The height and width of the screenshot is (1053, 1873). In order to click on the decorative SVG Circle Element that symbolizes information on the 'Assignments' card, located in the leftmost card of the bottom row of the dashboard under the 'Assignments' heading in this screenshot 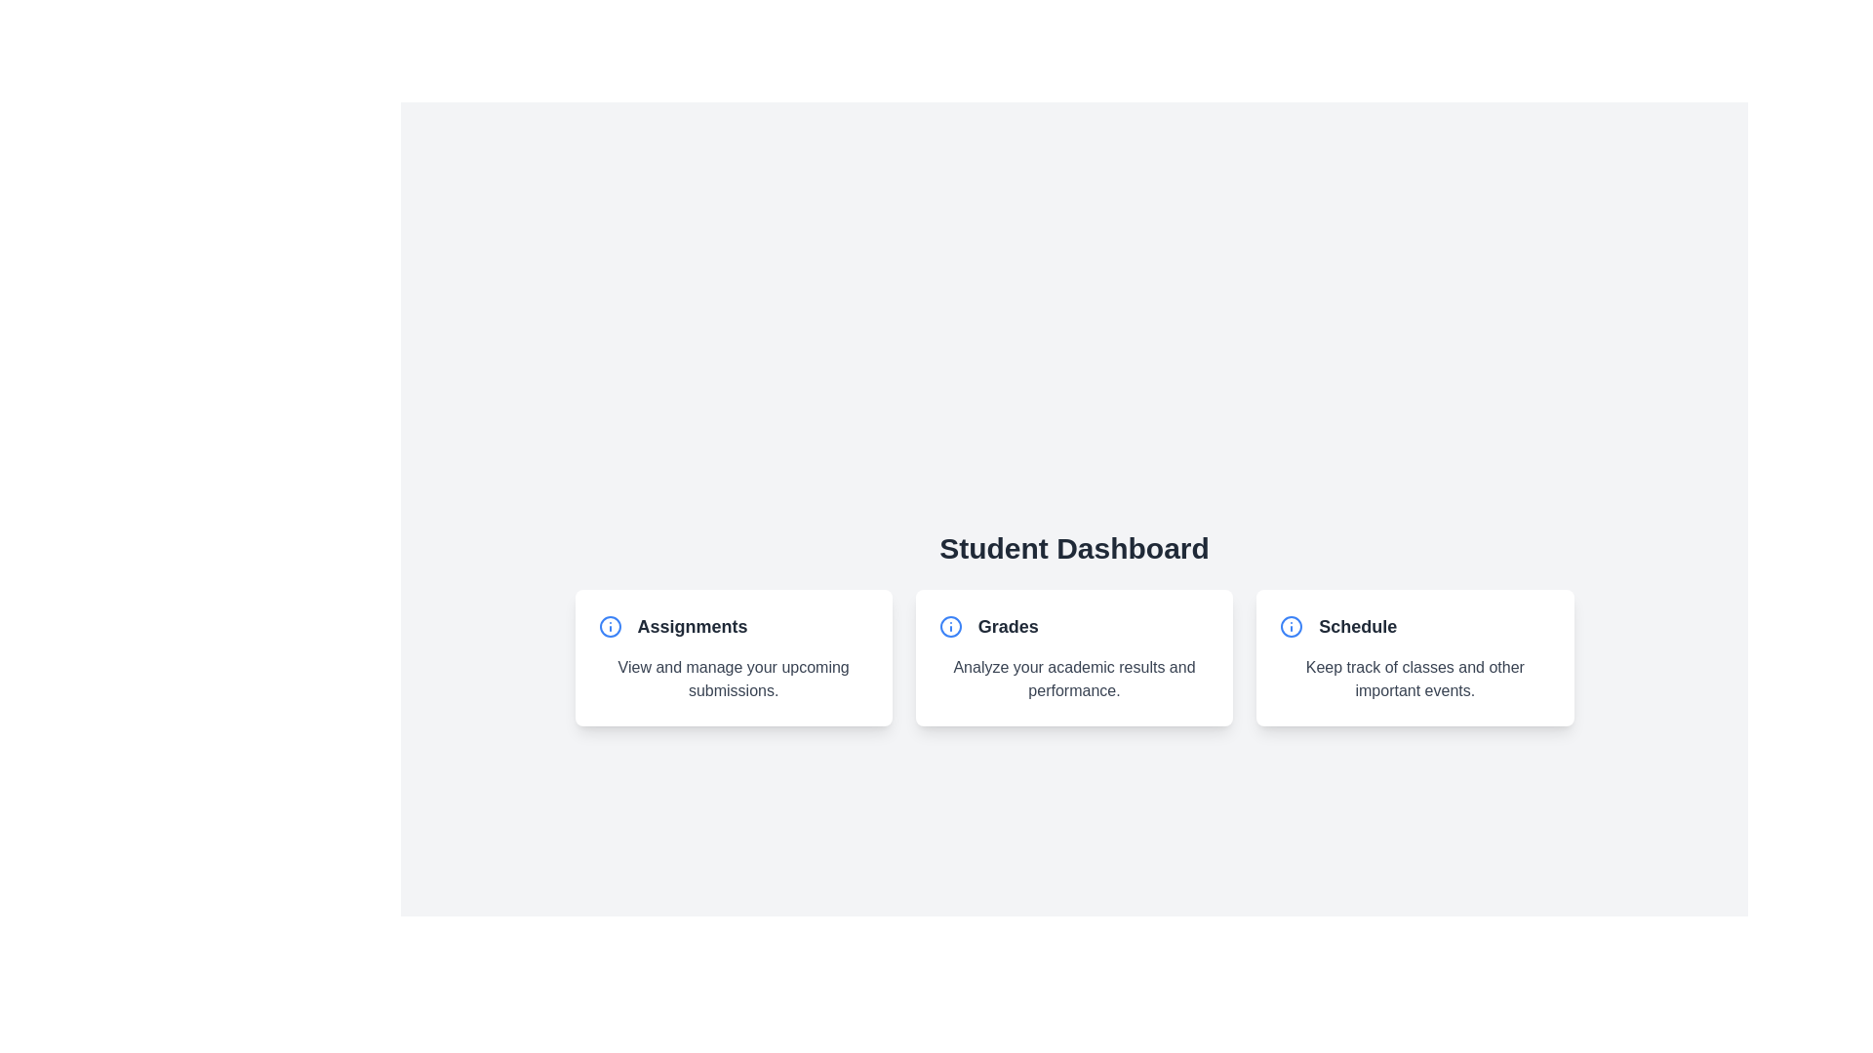, I will do `click(950, 627)`.